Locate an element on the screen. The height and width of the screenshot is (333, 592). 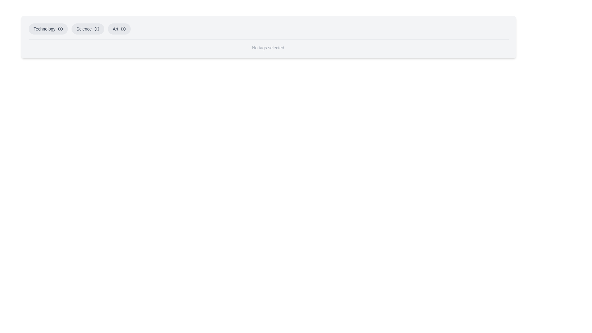
the circular button or icon representing the 'Art' category, which is part of a horizontal group of items including 'Technology' and 'Science' is located at coordinates (123, 29).